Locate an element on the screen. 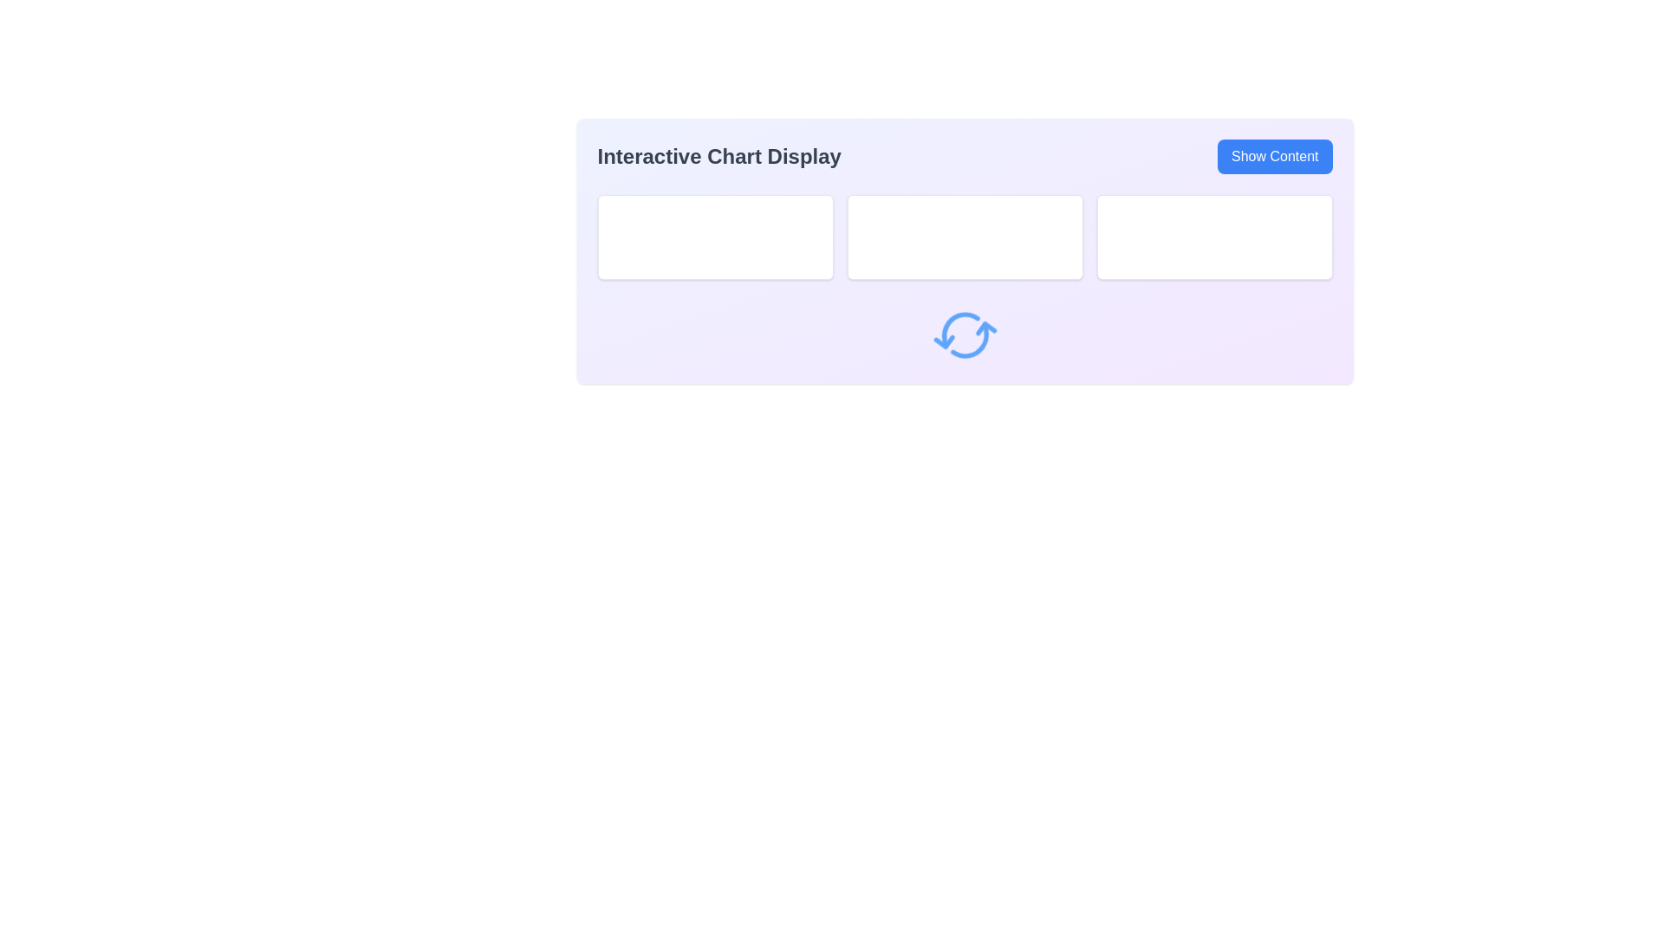  the button located at the top-right corner of the 'Interactive Chart Display' section is located at coordinates (1275, 157).